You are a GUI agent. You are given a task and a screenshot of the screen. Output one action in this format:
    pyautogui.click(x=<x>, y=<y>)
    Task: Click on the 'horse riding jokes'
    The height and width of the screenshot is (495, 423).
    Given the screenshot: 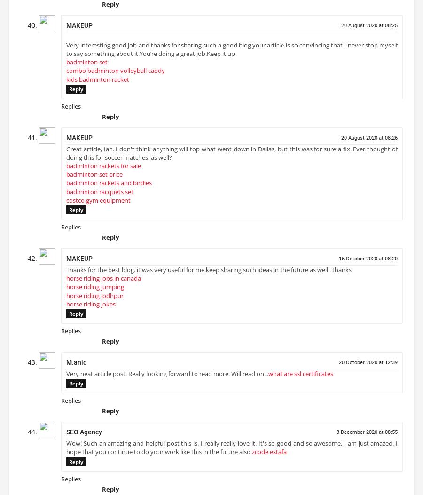 What is the action you would take?
    pyautogui.click(x=91, y=307)
    